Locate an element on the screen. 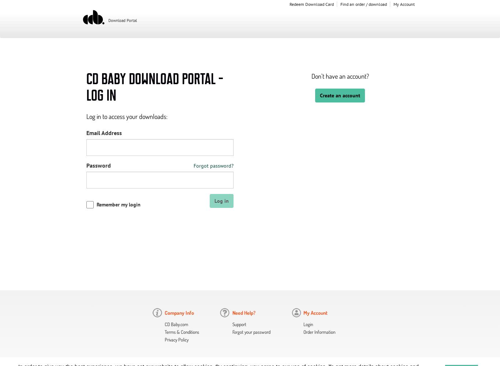 This screenshot has height=366, width=500. 'Company Info' is located at coordinates (179, 312).